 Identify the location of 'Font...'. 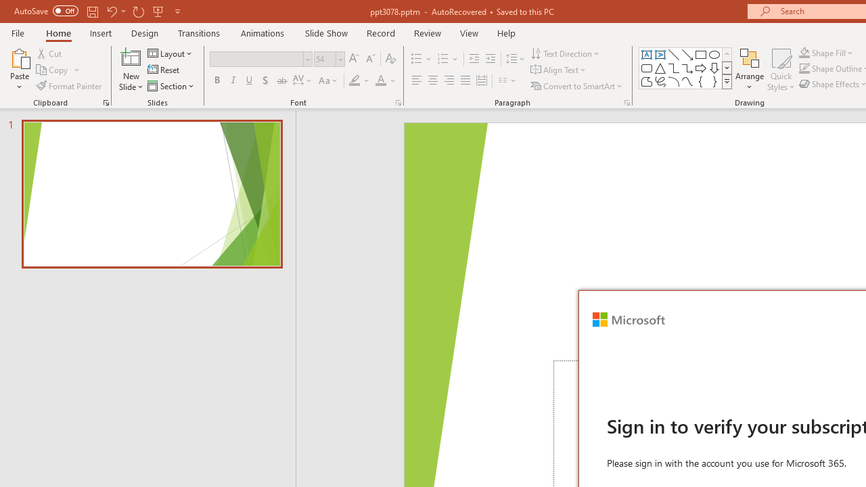
(397, 101).